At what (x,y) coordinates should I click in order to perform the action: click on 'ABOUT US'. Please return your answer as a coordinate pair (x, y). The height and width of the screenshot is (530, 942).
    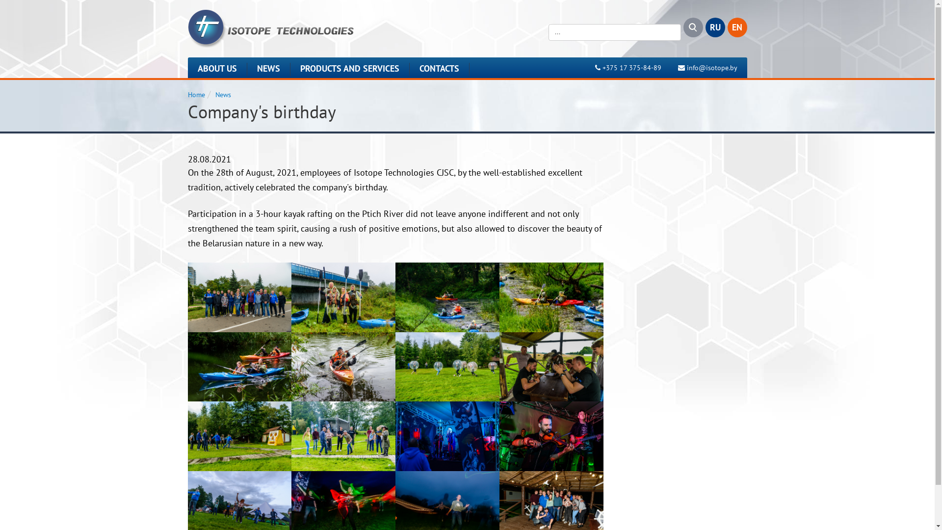
    Looking at the image, I should click on (216, 69).